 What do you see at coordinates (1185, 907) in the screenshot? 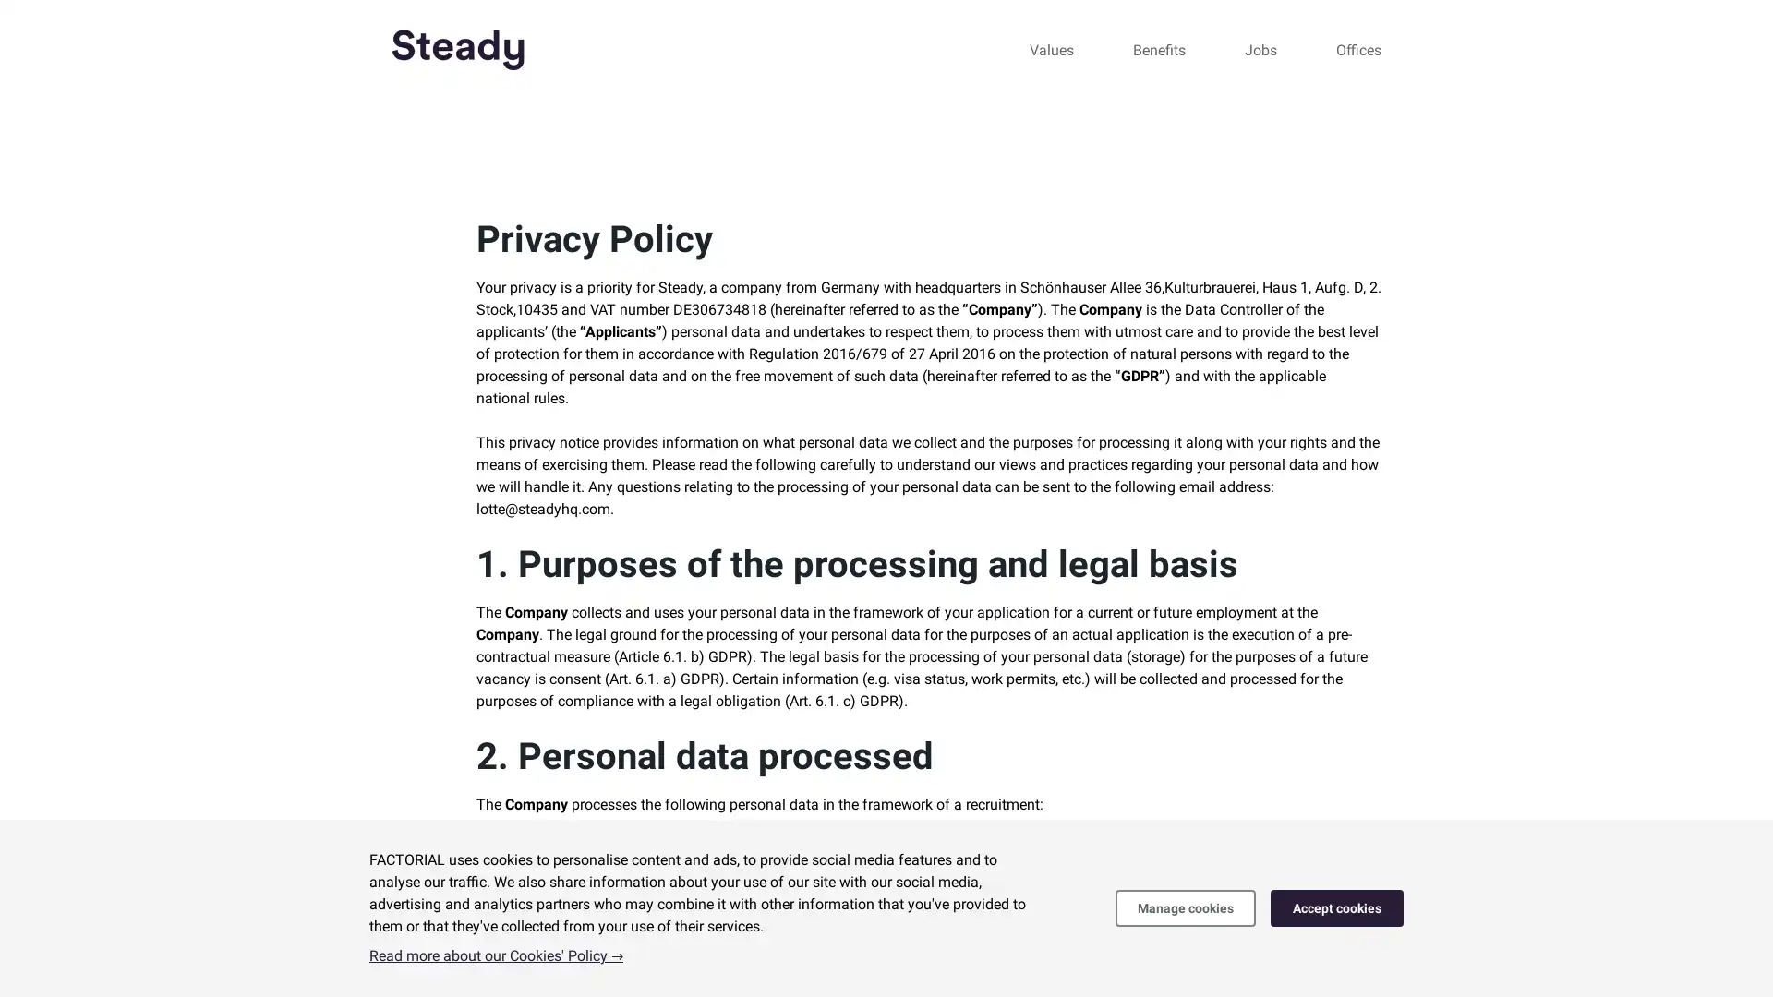
I see `Manage cookies` at bounding box center [1185, 907].